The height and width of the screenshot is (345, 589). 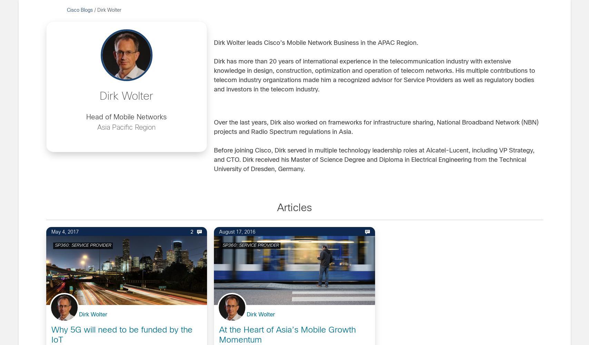 What do you see at coordinates (376, 127) in the screenshot?
I see `'Over the last years, Dirk also worked on frameworks for infrastructure sharing, National Broadband Network (NBN) projects and Radio Spectrum regulations in Asia.'` at bounding box center [376, 127].